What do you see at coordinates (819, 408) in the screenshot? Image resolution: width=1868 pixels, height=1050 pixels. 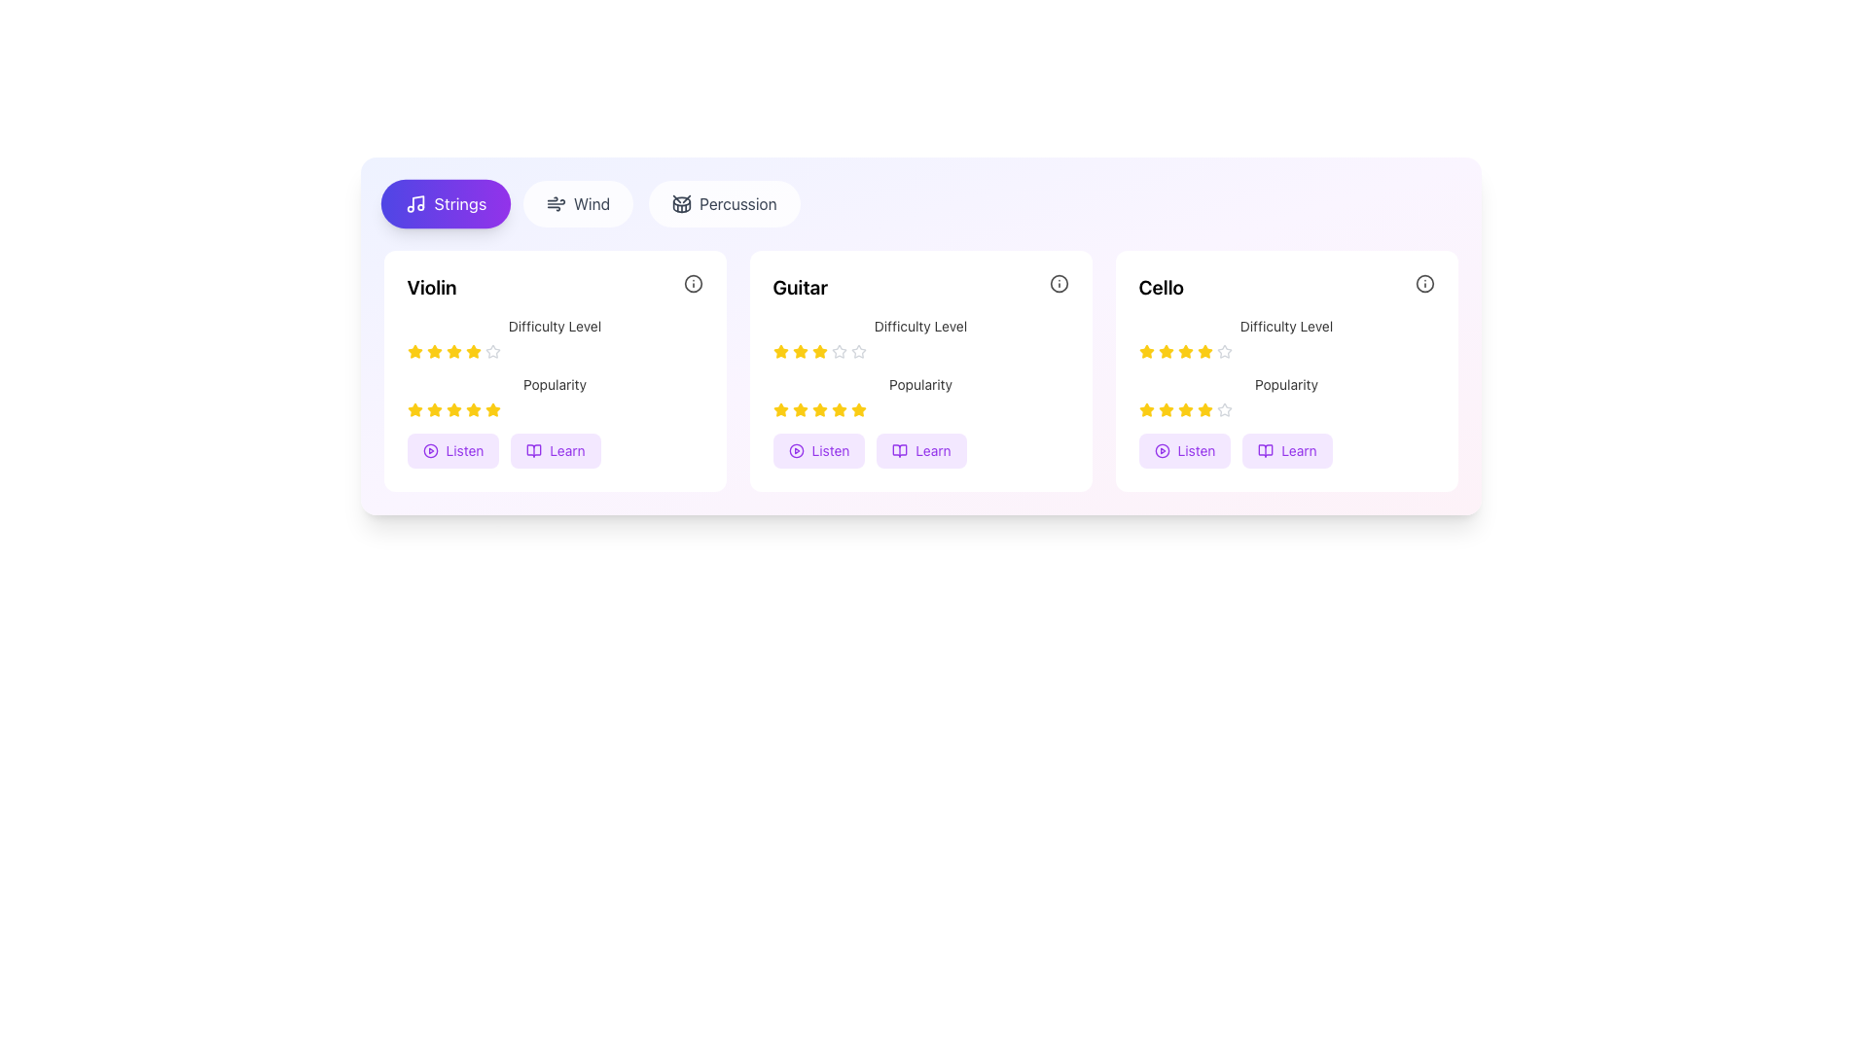 I see `the yellow star icon, which is the fourth star in the bottom star-rating row of the 'Guitar' card, dedicated to the popularity metric` at bounding box center [819, 408].